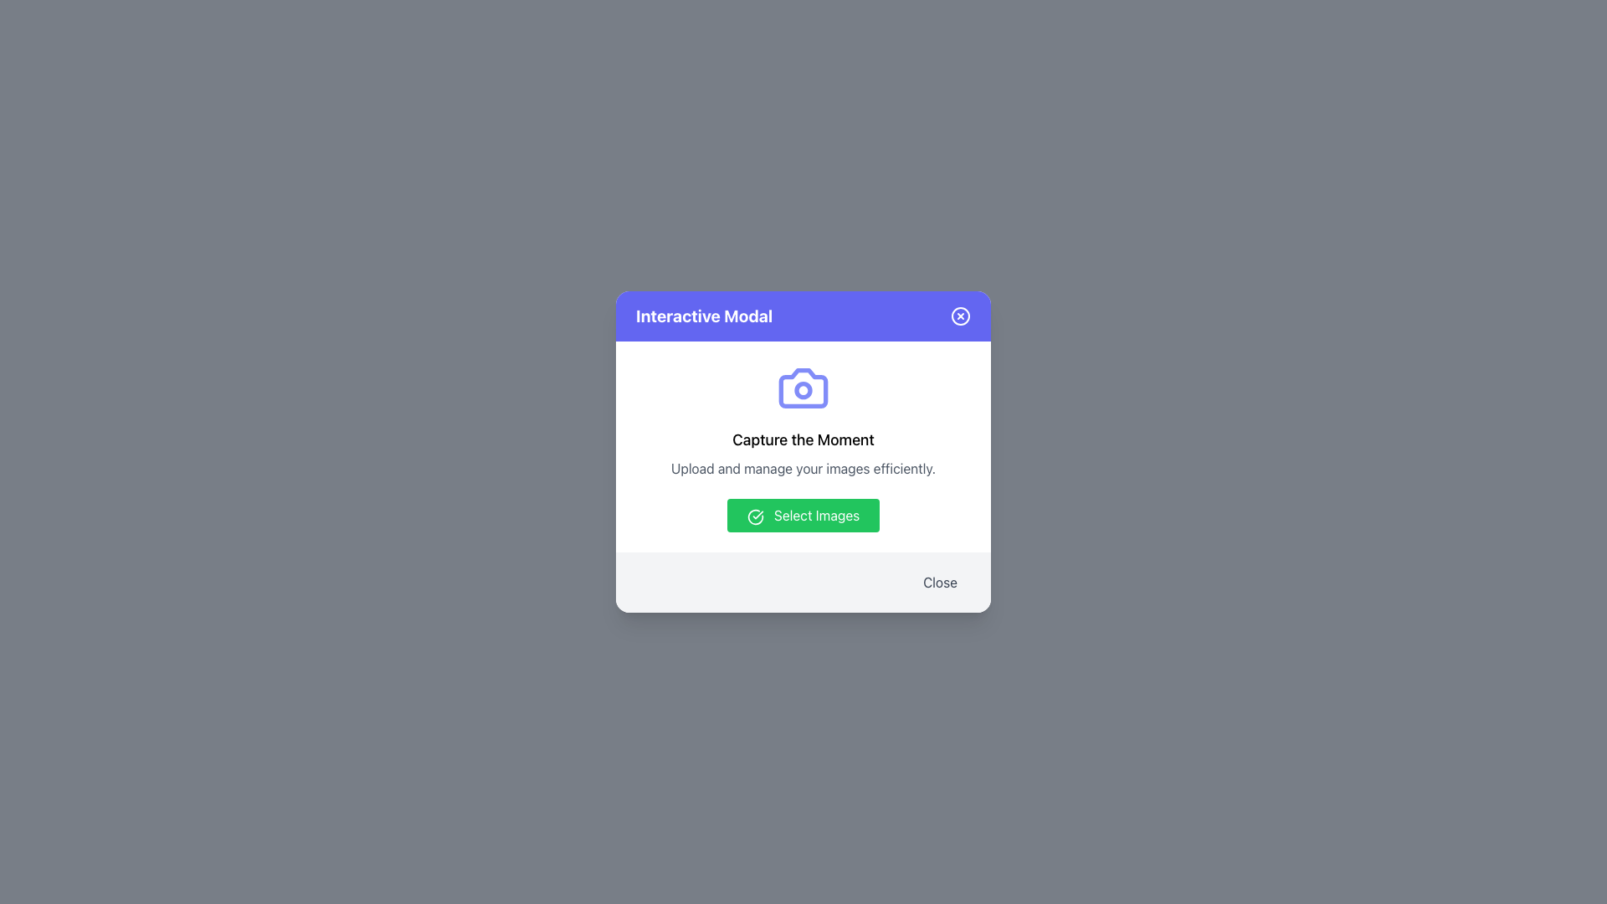  What do you see at coordinates (803, 388) in the screenshot?
I see `the camera icon's main body, which is a rectangular shape with a cut-out section on top, positioned above the text 'Capture the Moment' in the modal dialog box` at bounding box center [803, 388].